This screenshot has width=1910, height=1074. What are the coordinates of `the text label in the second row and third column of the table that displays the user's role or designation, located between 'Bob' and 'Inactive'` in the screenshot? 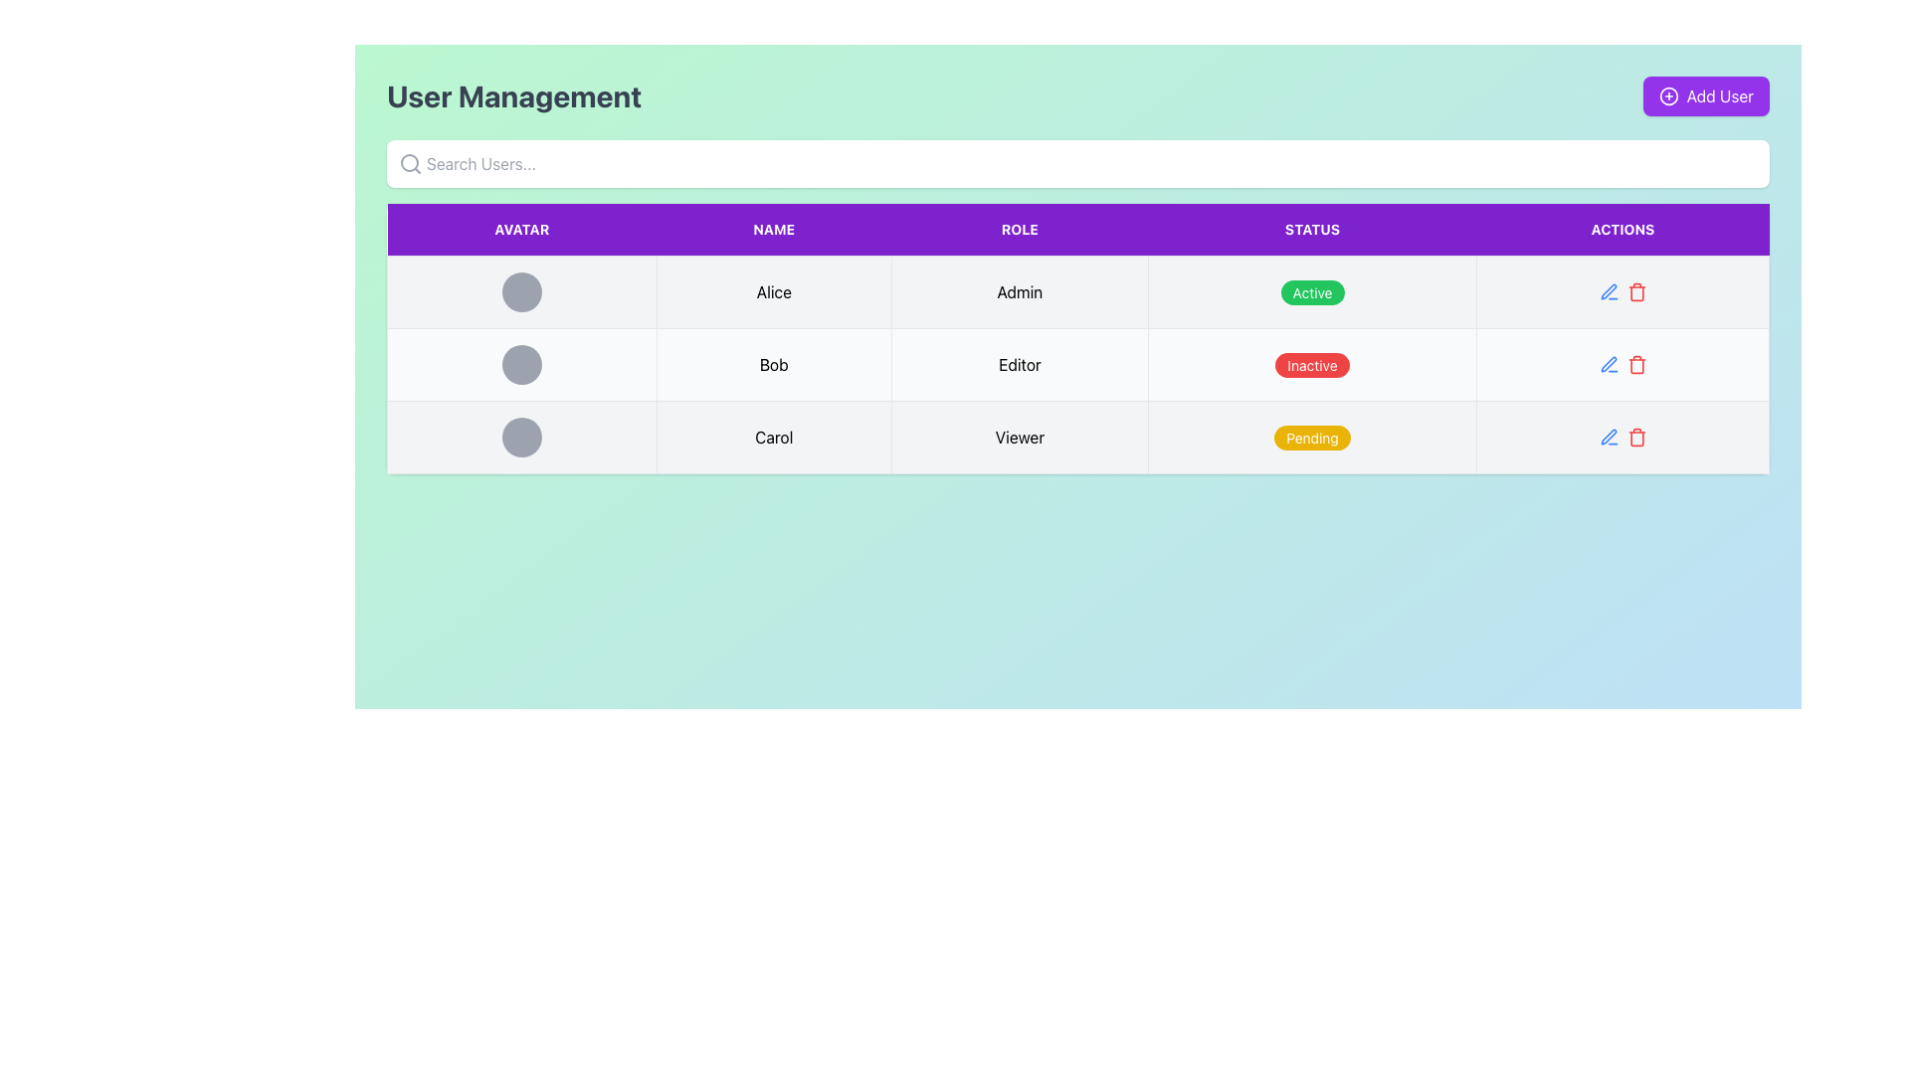 It's located at (1020, 364).